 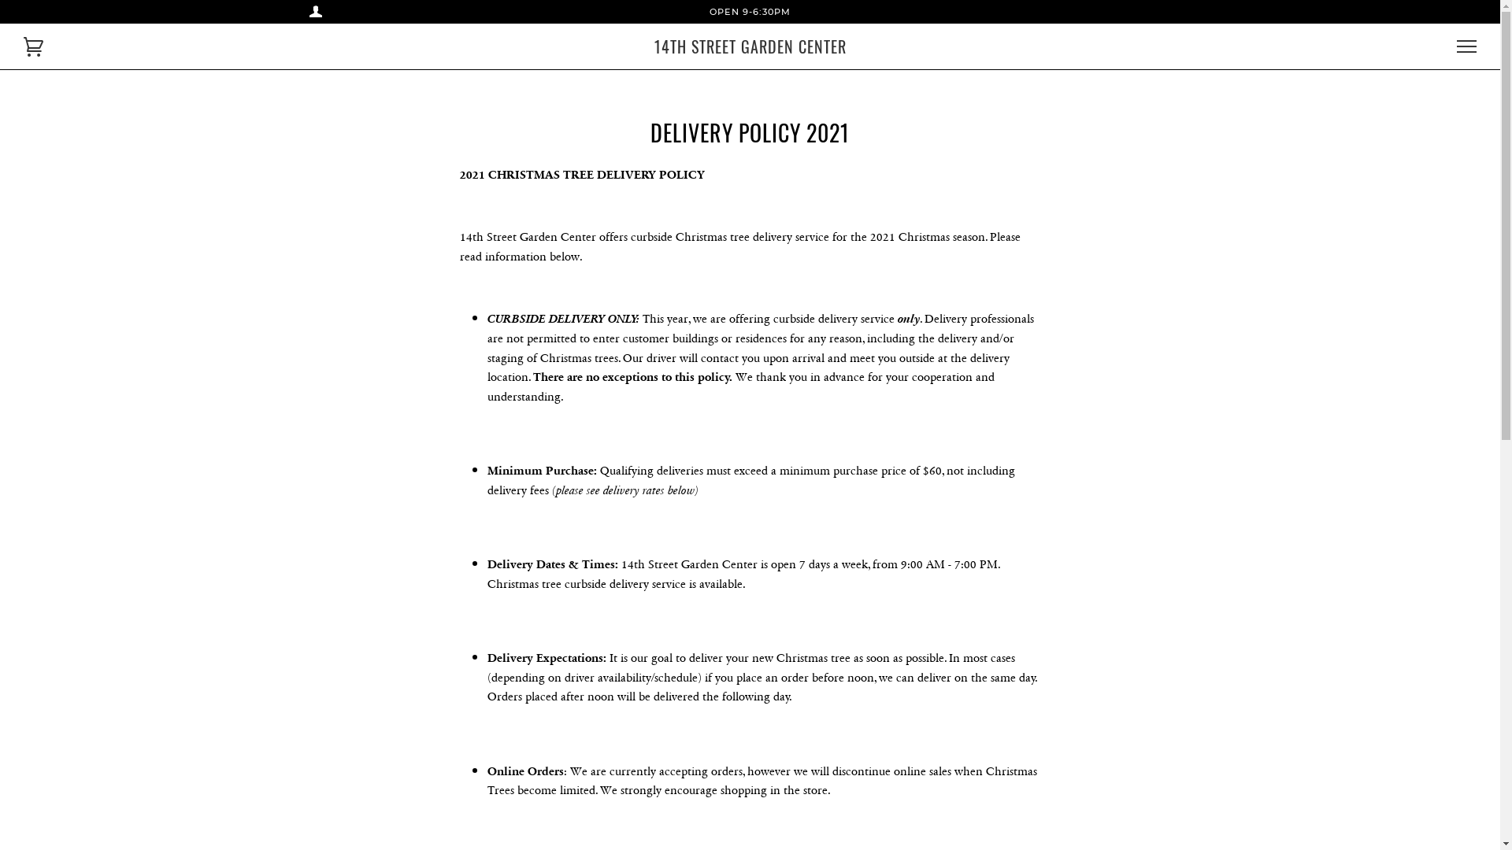 I want to click on '14TH STREET GARDEN CENTER', so click(x=748, y=45).